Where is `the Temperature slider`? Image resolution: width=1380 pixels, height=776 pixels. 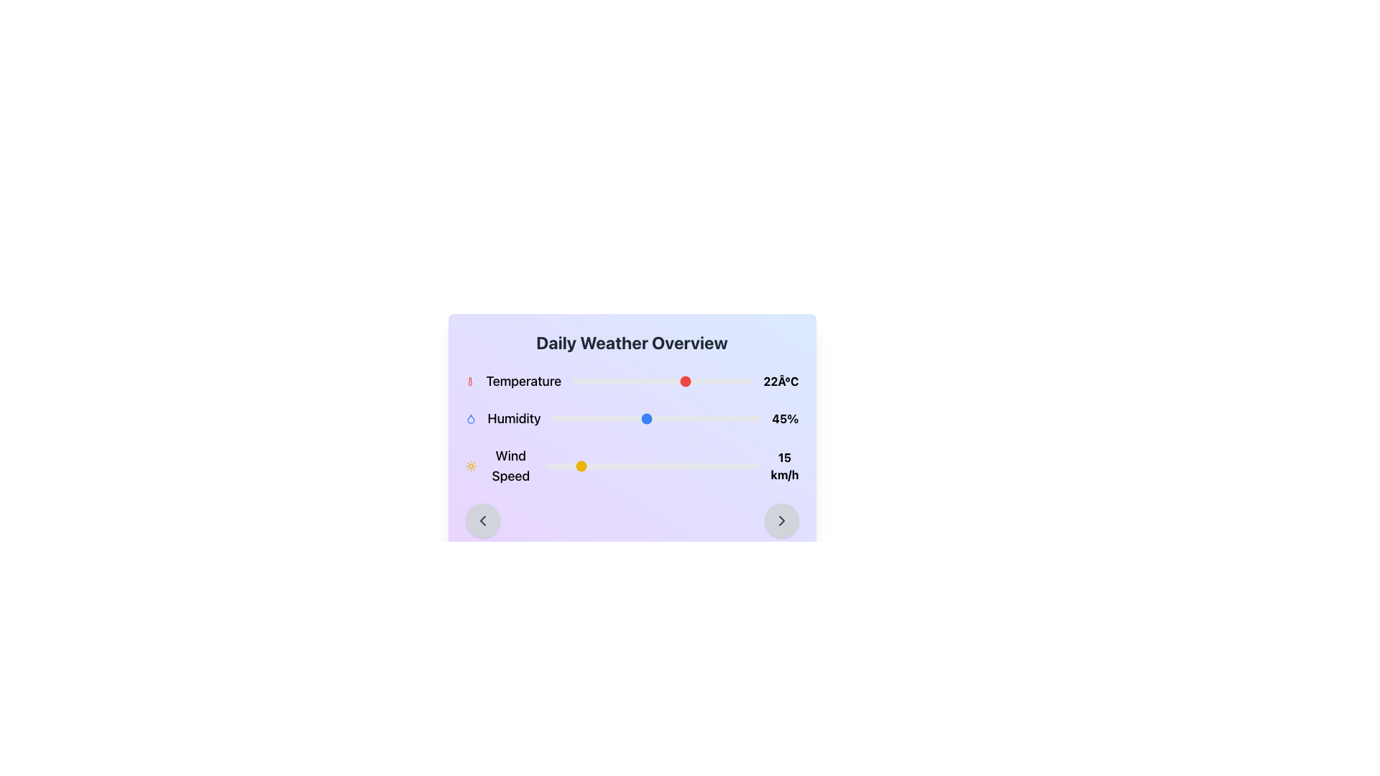 the Temperature slider is located at coordinates (691, 381).